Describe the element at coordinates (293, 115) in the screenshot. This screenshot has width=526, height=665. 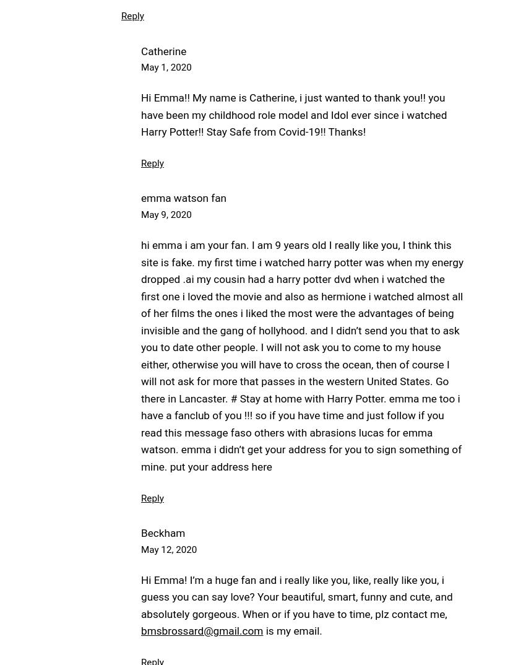
I see `'Hi Emma!! My name is Catherine, i just wanted to thank you!! you have been my childhood role model and Idol ever since i watched Harry Potter!! Stay Safe from Covid-19!! Thanks!'` at that location.